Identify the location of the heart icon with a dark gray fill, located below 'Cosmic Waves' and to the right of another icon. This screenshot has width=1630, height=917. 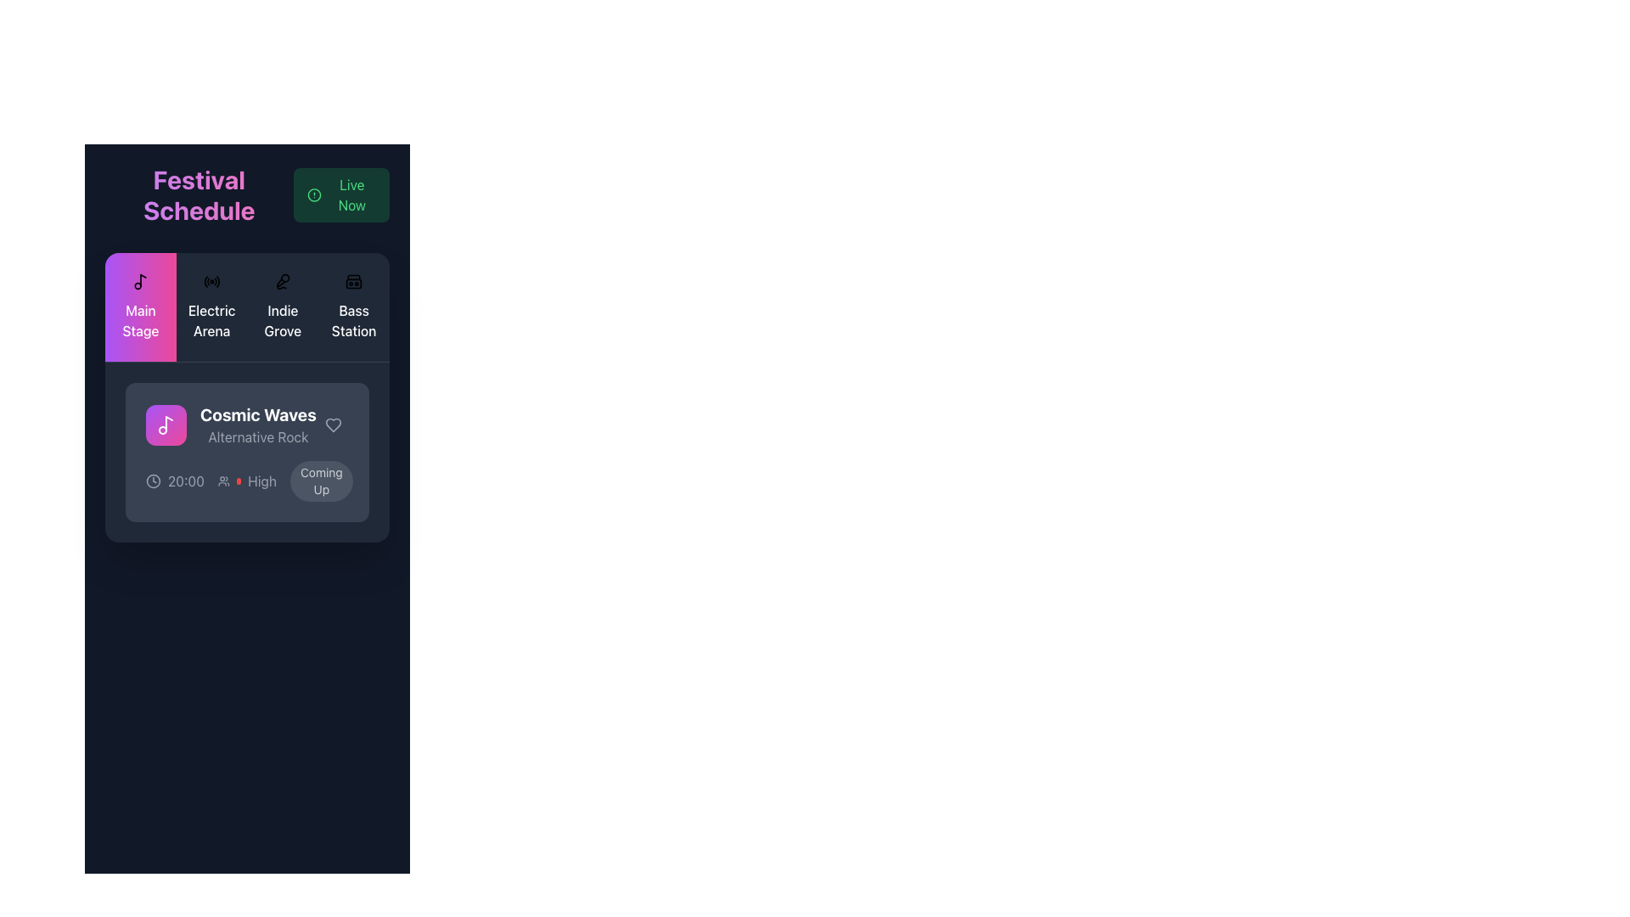
(334, 425).